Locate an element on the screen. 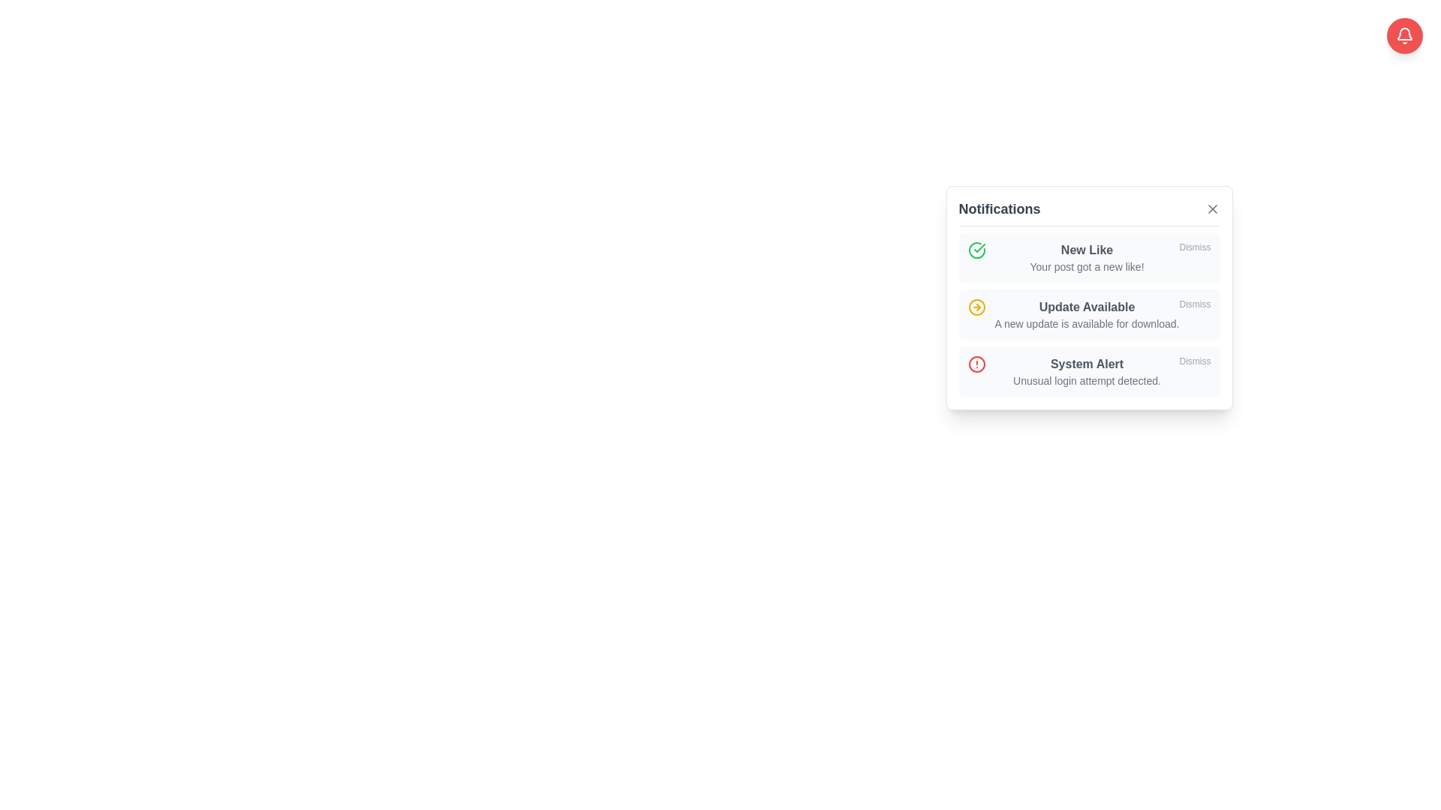 The image size is (1441, 810). the Notification text indicating a user's post has received a new like, which is located below the positive notification icon and above the 'Dismiss' button is located at coordinates (1087, 256).